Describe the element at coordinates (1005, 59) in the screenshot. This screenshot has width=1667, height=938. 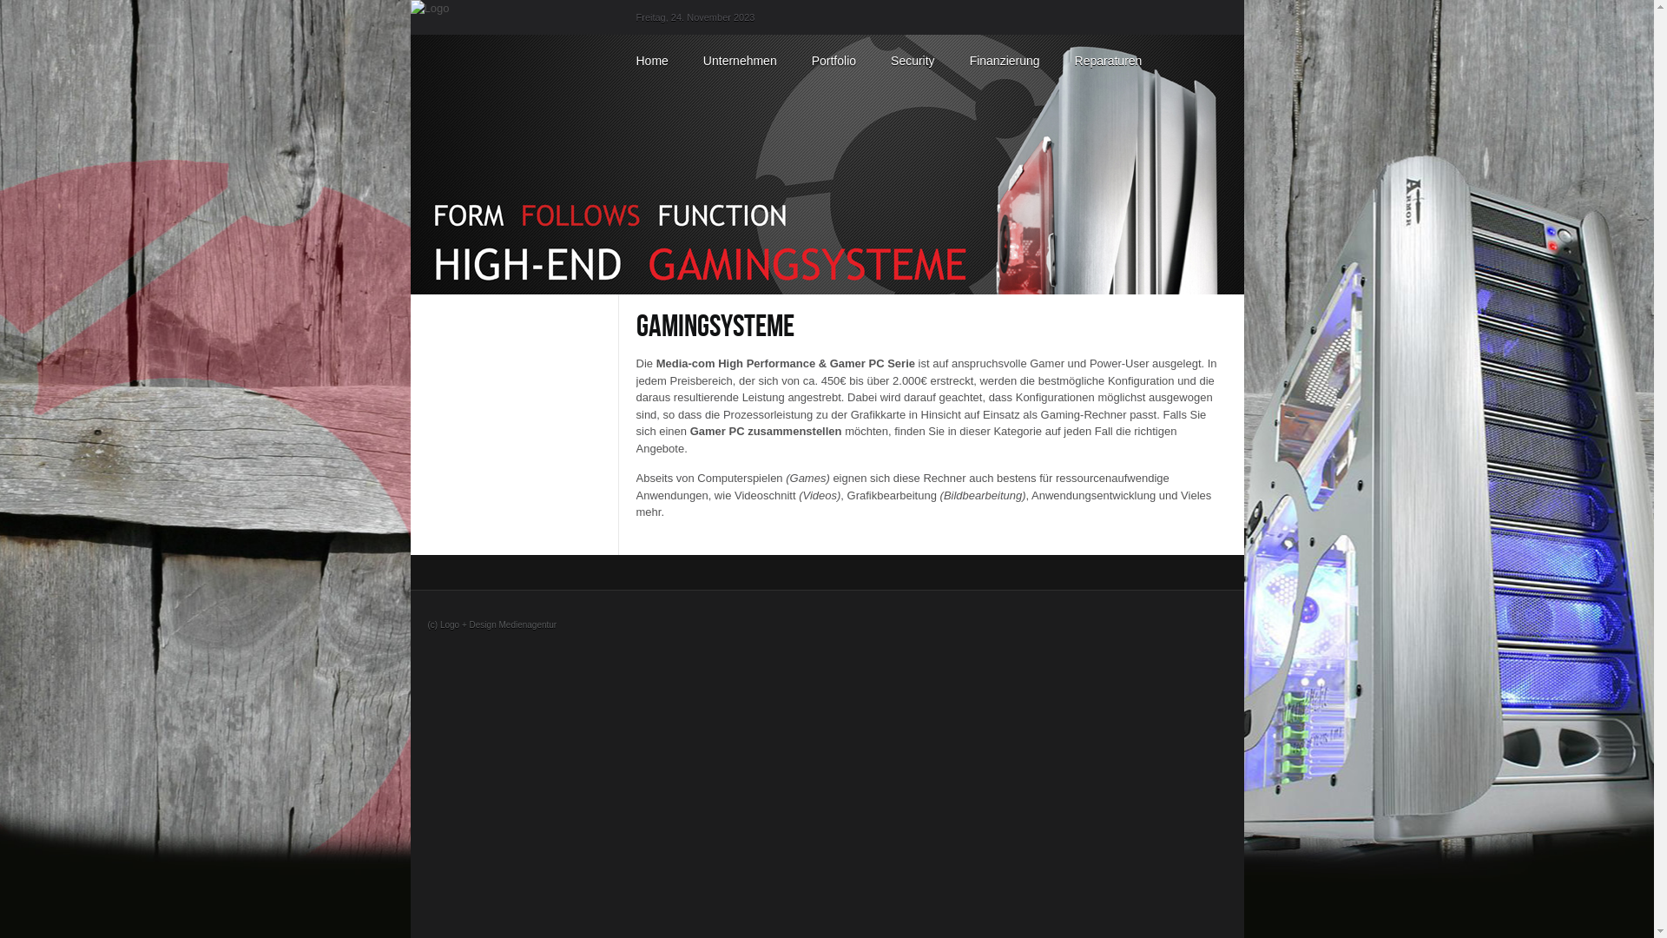
I see `'Finanzierung'` at that location.